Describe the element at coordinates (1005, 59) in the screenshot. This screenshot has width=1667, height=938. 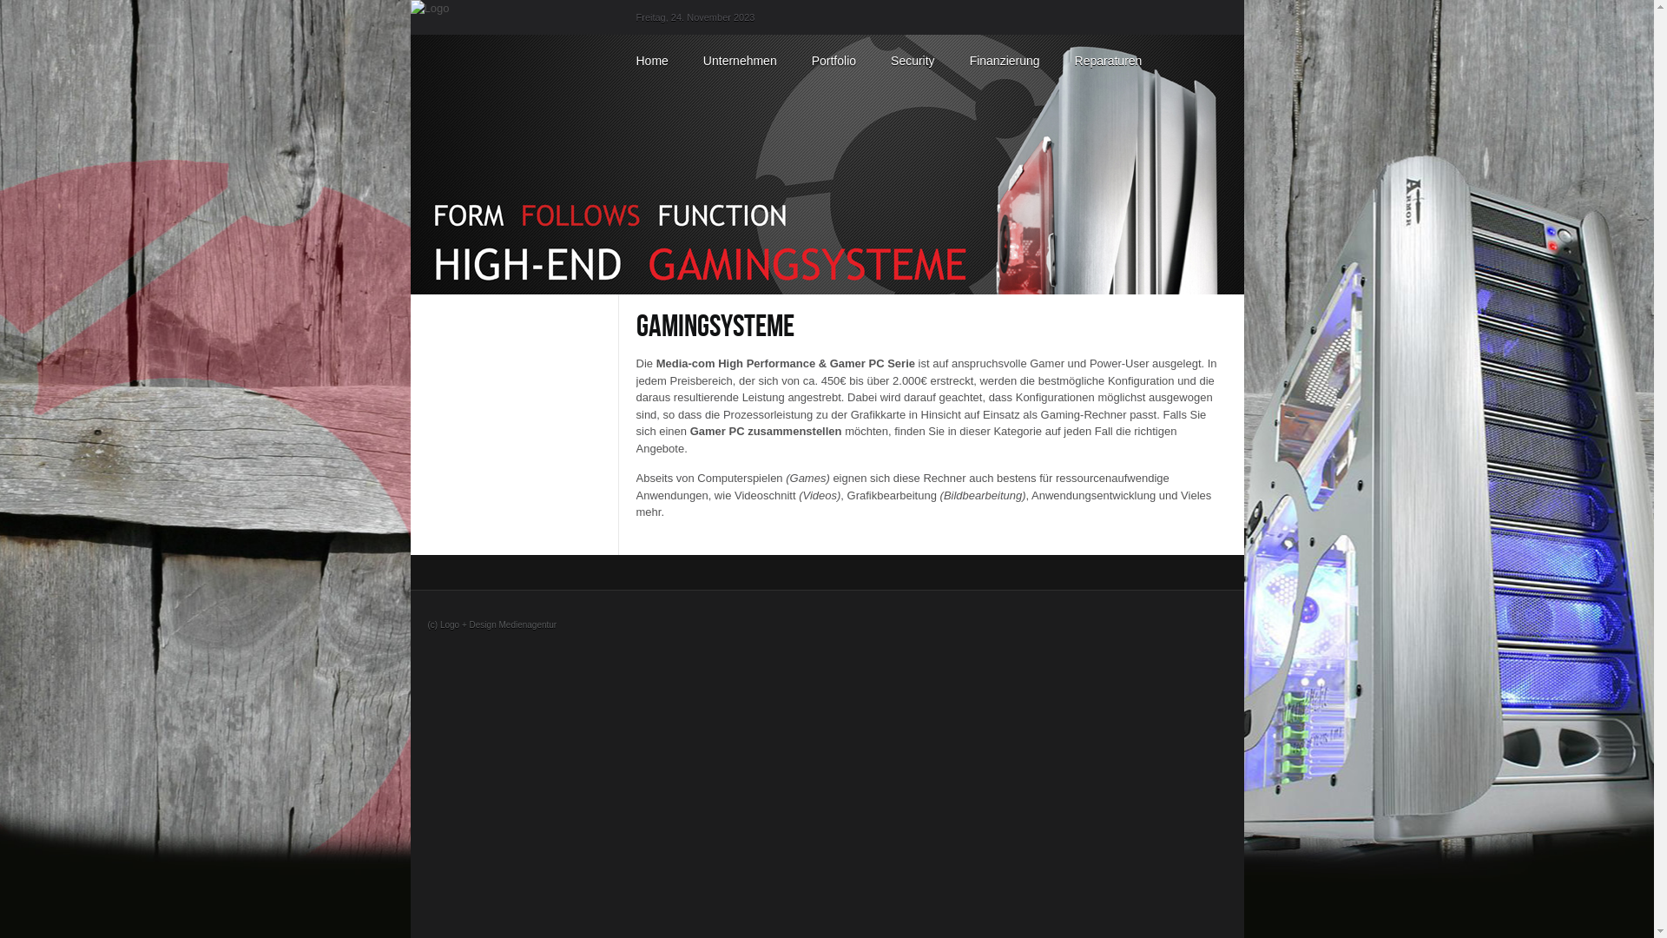
I see `'Finanzierung'` at that location.